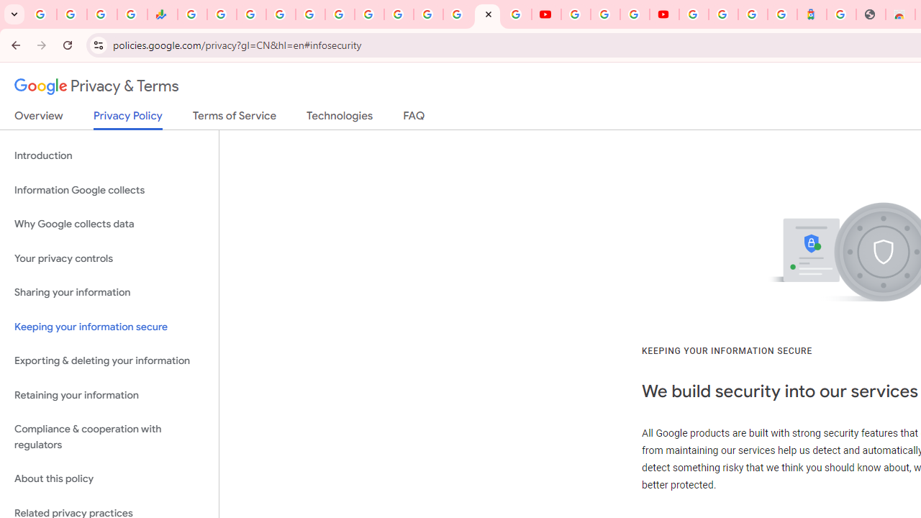 This screenshot has width=921, height=518. I want to click on 'Keeping your information secure', so click(109, 327).